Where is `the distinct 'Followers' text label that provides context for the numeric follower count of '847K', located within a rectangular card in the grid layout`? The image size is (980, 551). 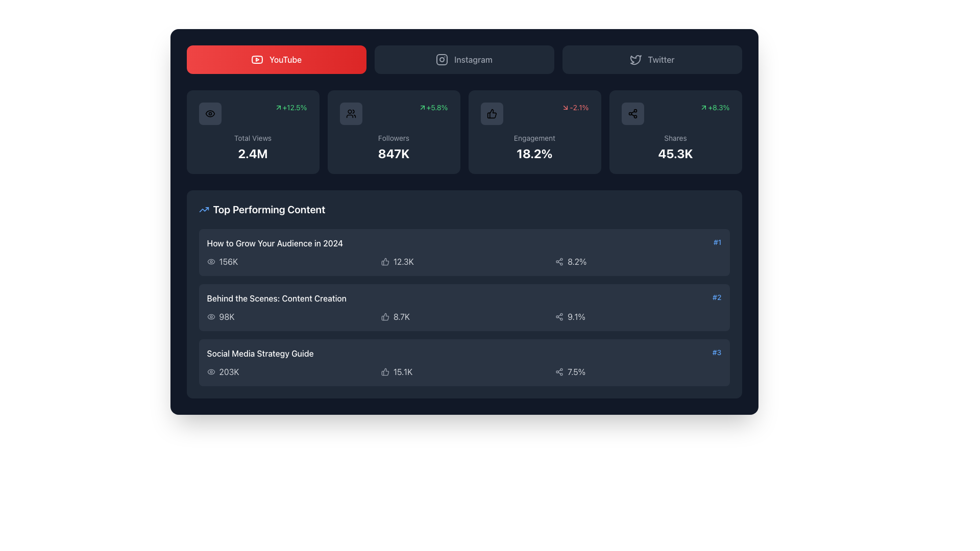 the distinct 'Followers' text label that provides context for the numeric follower count of '847K', located within a rectangular card in the grid layout is located at coordinates (393, 138).